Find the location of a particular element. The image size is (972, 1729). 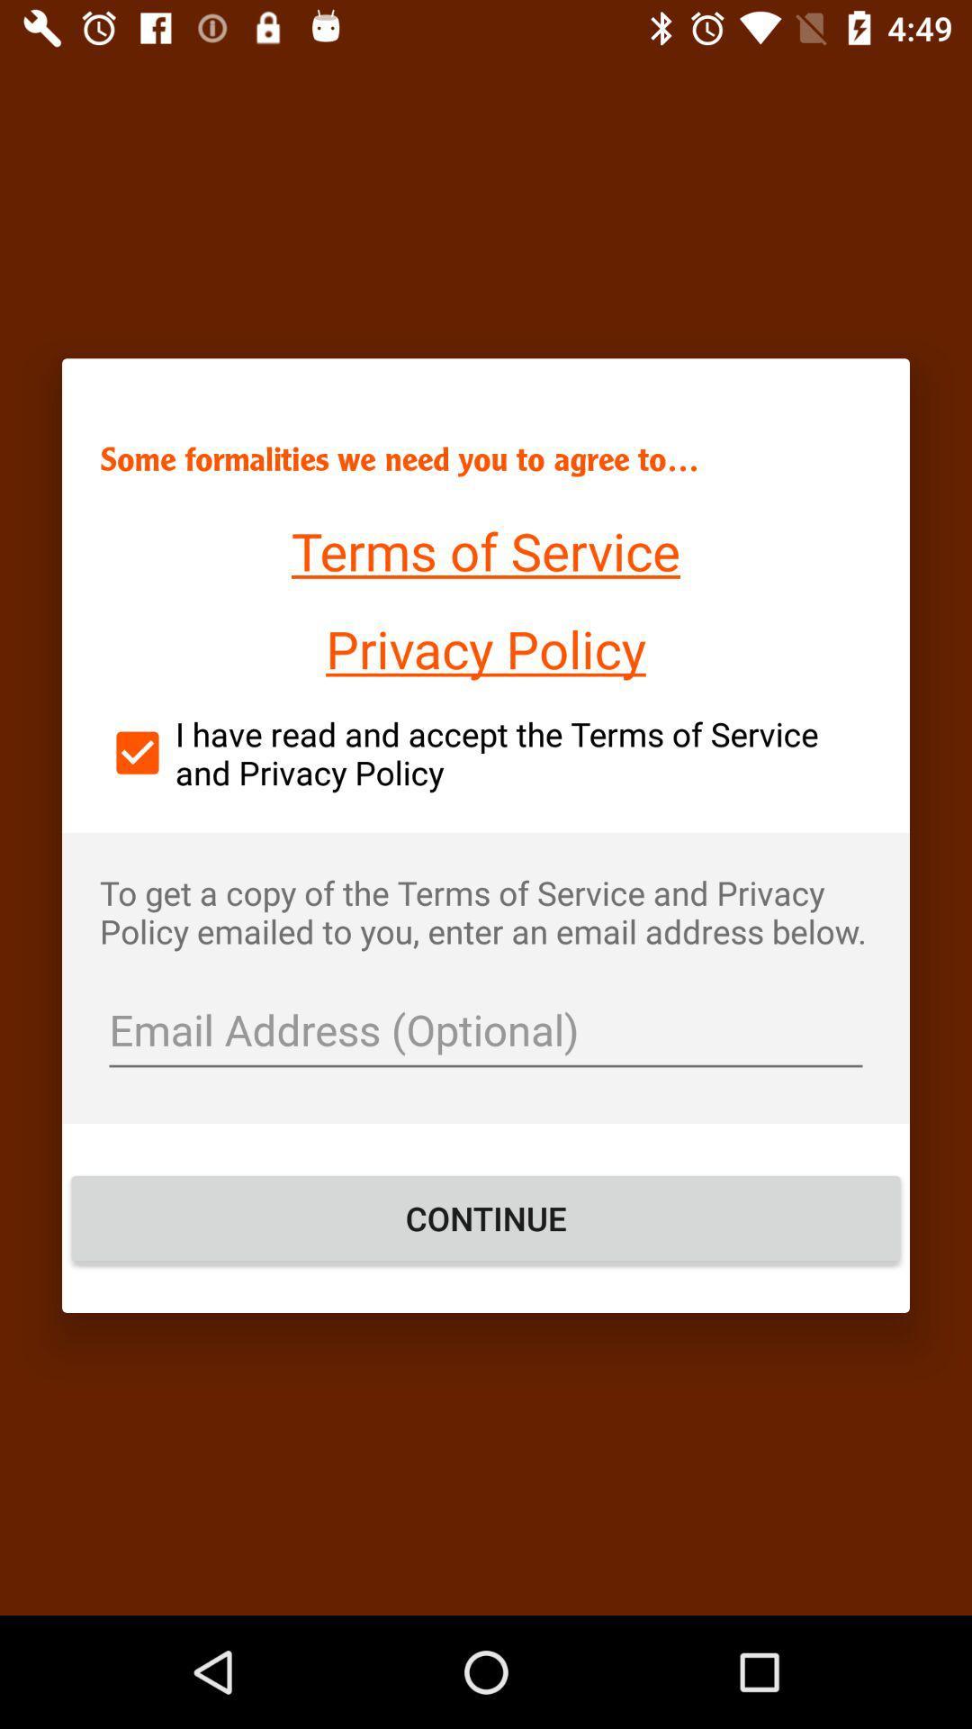

the item below to get a item is located at coordinates (486, 1032).